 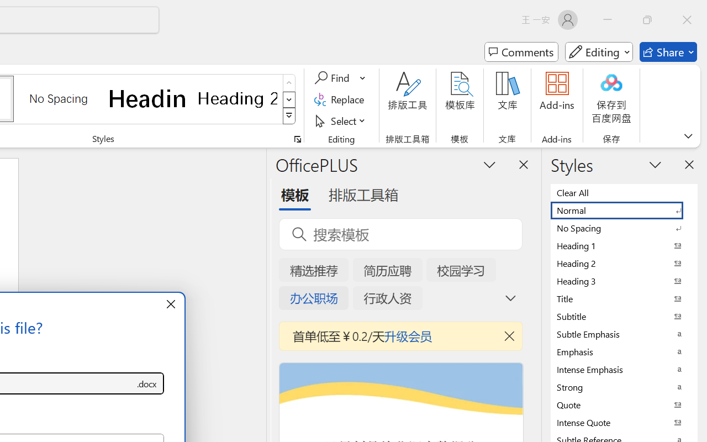 I want to click on 'Strong', so click(x=624, y=387).